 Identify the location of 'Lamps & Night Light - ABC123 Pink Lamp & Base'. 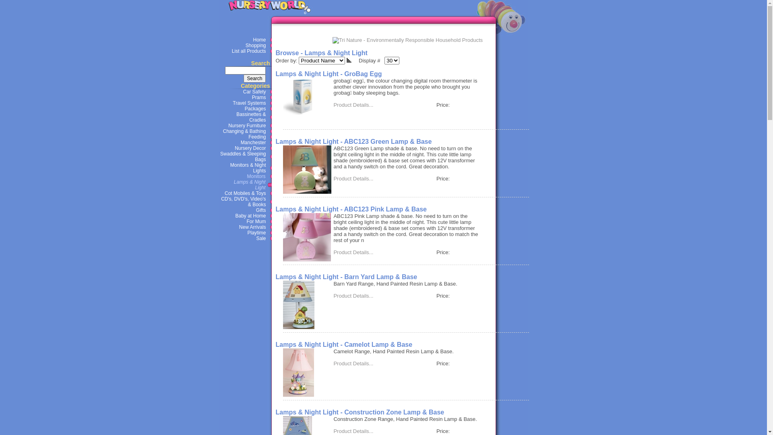
(351, 209).